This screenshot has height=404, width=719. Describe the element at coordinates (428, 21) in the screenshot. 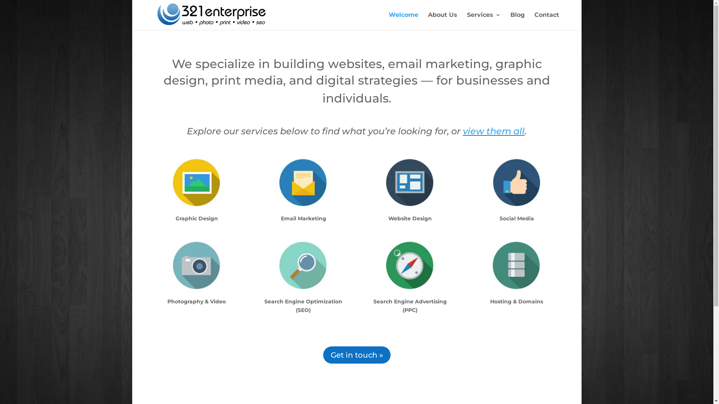

I see `'About Us'` at that location.